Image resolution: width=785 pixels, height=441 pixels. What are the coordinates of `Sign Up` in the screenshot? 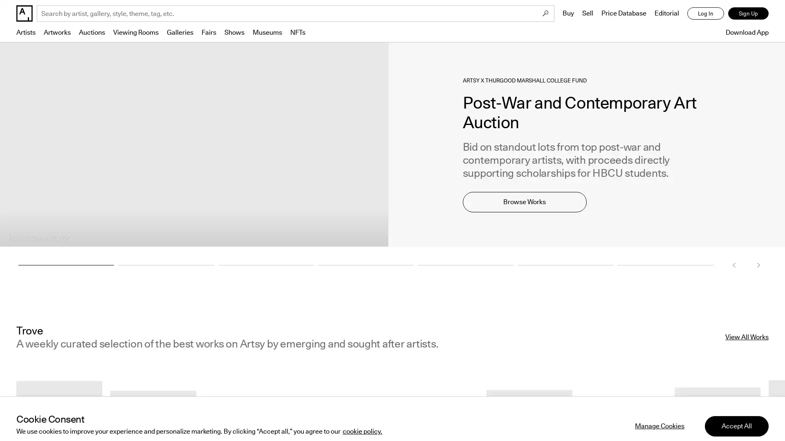 It's located at (748, 13).